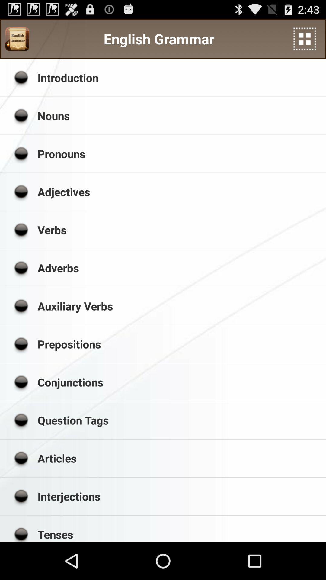 This screenshot has height=580, width=326. What do you see at coordinates (179, 420) in the screenshot?
I see `the app below the conjunctions` at bounding box center [179, 420].